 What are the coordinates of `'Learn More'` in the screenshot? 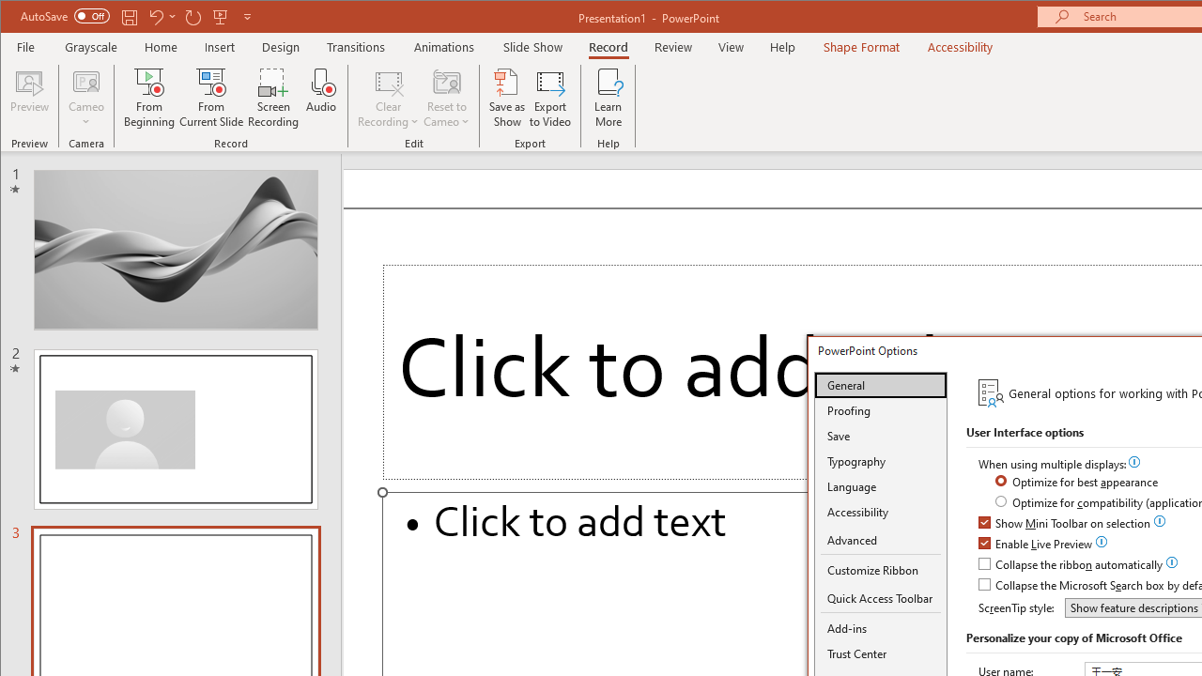 It's located at (609, 98).